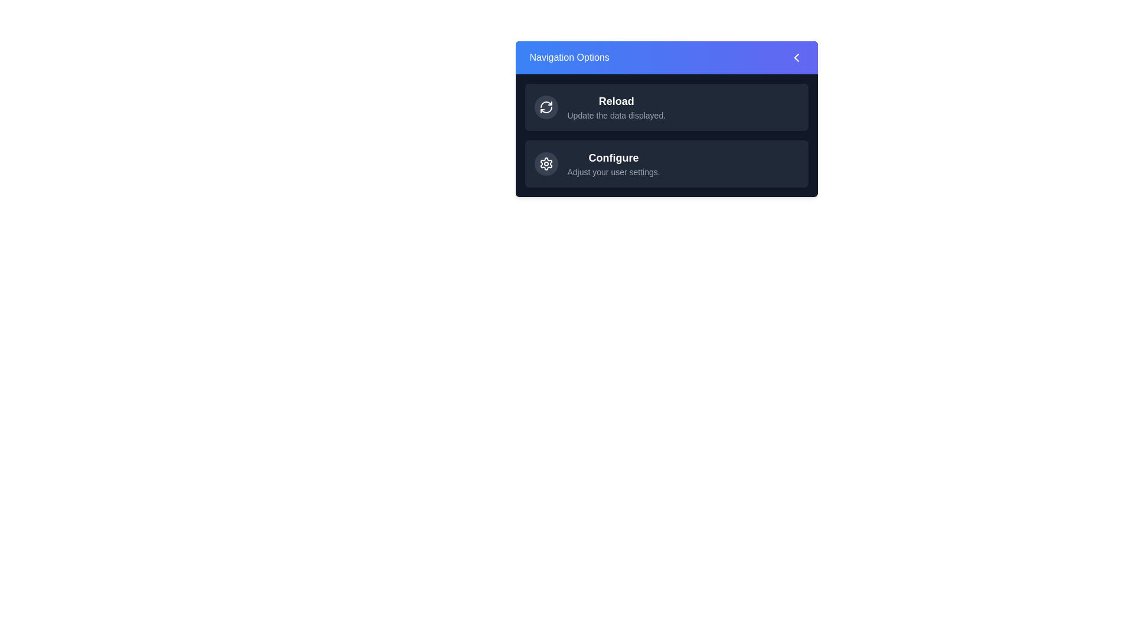 Image resolution: width=1133 pixels, height=637 pixels. I want to click on the 'Reload' option in the navigation panel, so click(615, 101).